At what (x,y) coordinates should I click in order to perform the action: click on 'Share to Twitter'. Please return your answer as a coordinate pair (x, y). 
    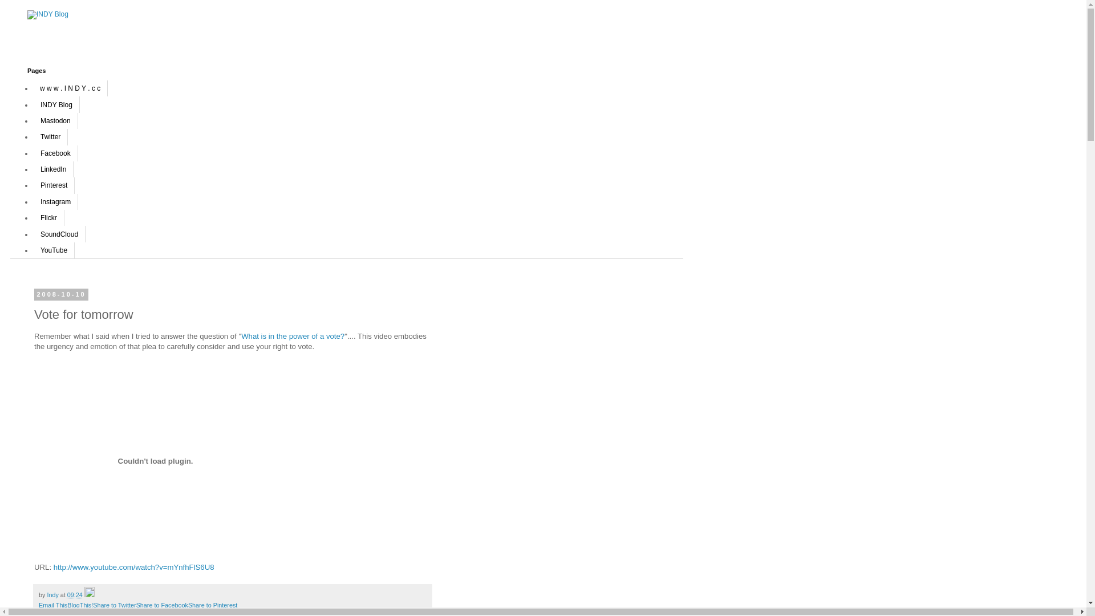
    Looking at the image, I should click on (114, 604).